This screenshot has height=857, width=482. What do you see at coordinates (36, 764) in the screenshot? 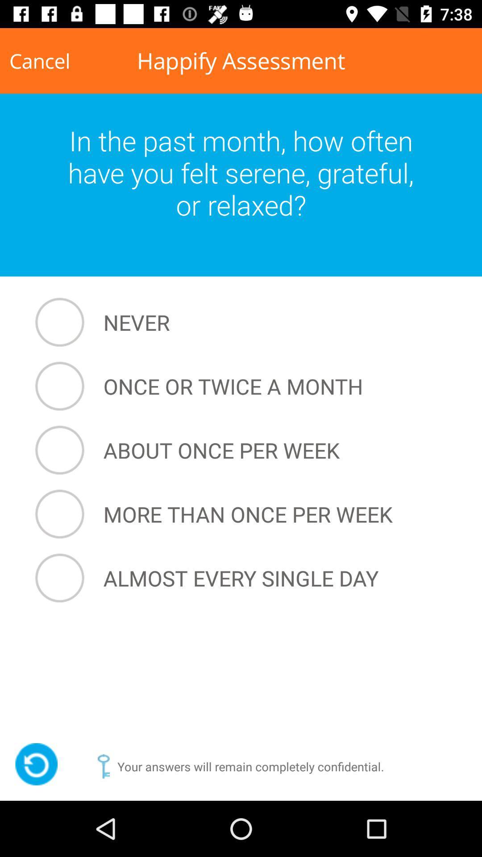
I see `the refresh icon` at bounding box center [36, 764].